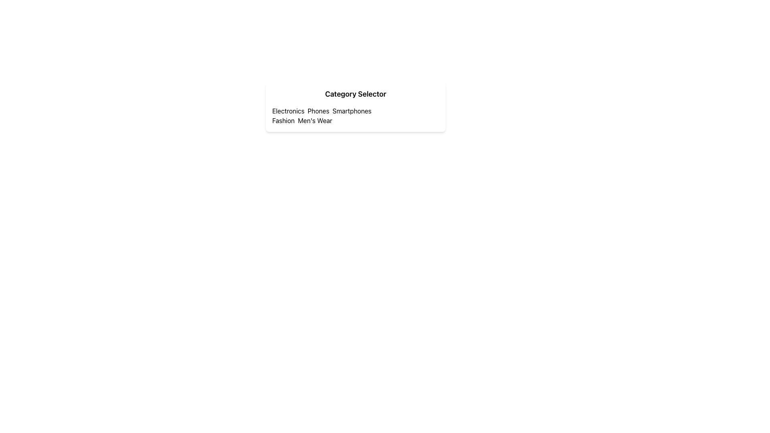 This screenshot has height=433, width=770. I want to click on the displayed text on the Text Label that represents a category or subcategory following the 'Electronics' section and preceding the 'Fashion' category in the interface, so click(339, 111).